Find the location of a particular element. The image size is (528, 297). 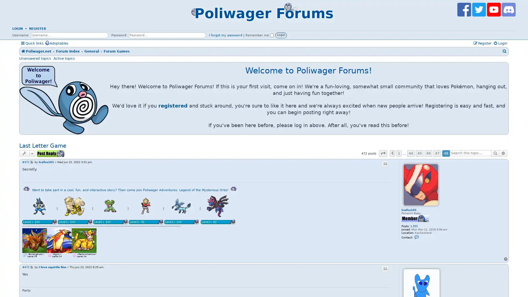

45 is located at coordinates (419, 153).